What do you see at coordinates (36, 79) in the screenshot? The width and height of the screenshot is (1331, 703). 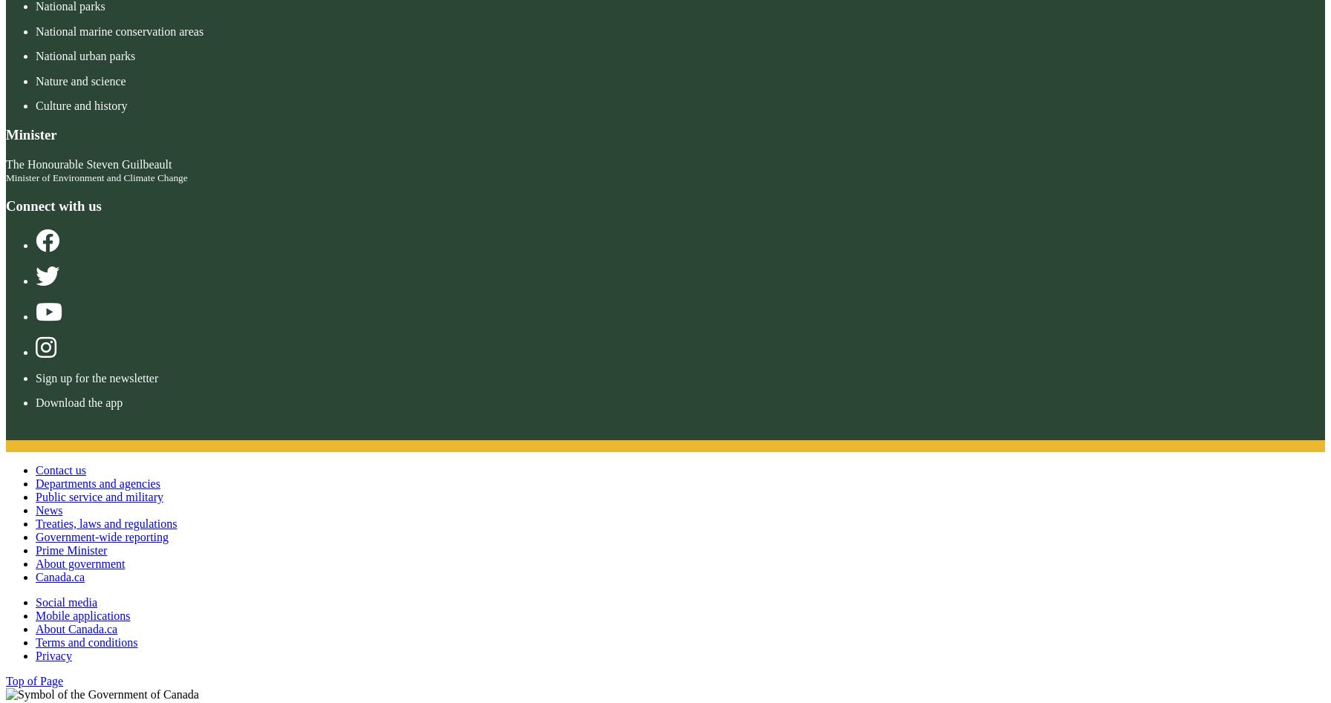 I see `'Nature and science'` at bounding box center [36, 79].